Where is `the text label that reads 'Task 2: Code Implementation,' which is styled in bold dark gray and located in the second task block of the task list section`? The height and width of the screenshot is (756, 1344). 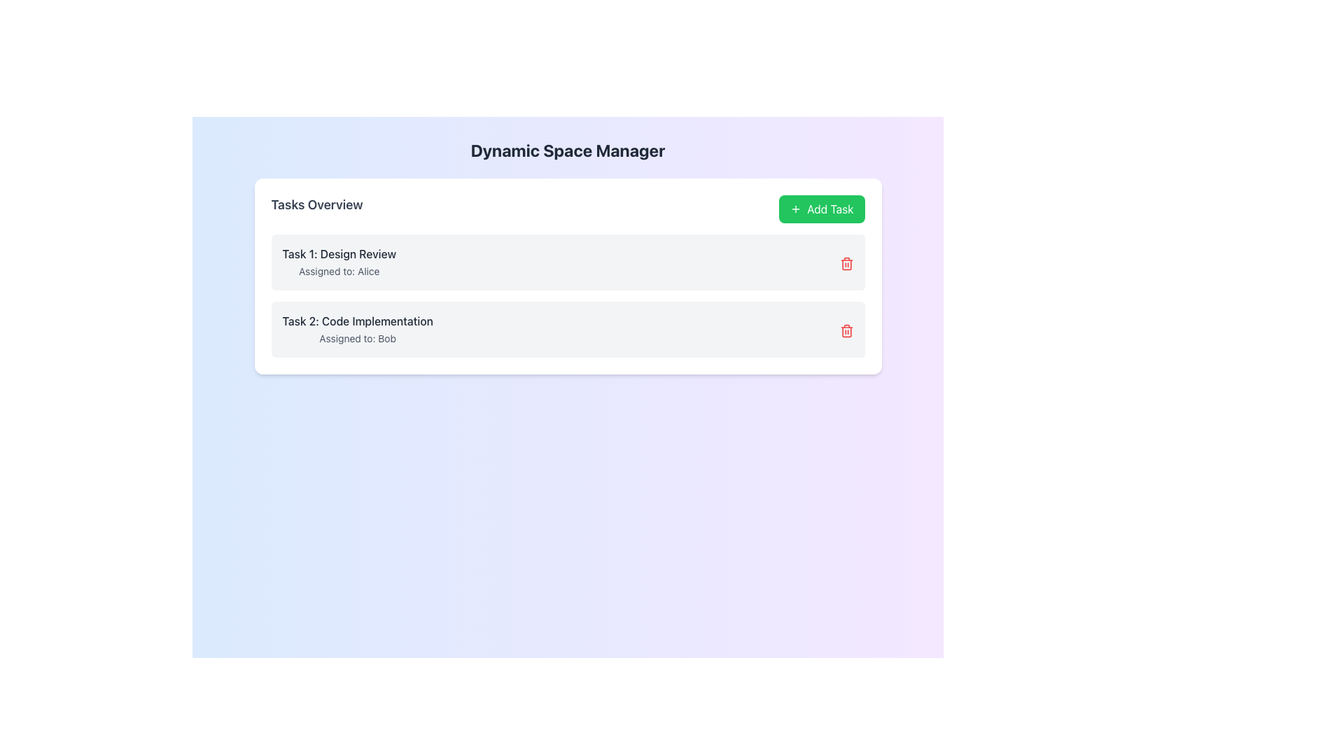 the text label that reads 'Task 2: Code Implementation,' which is styled in bold dark gray and located in the second task block of the task list section is located at coordinates (358, 321).